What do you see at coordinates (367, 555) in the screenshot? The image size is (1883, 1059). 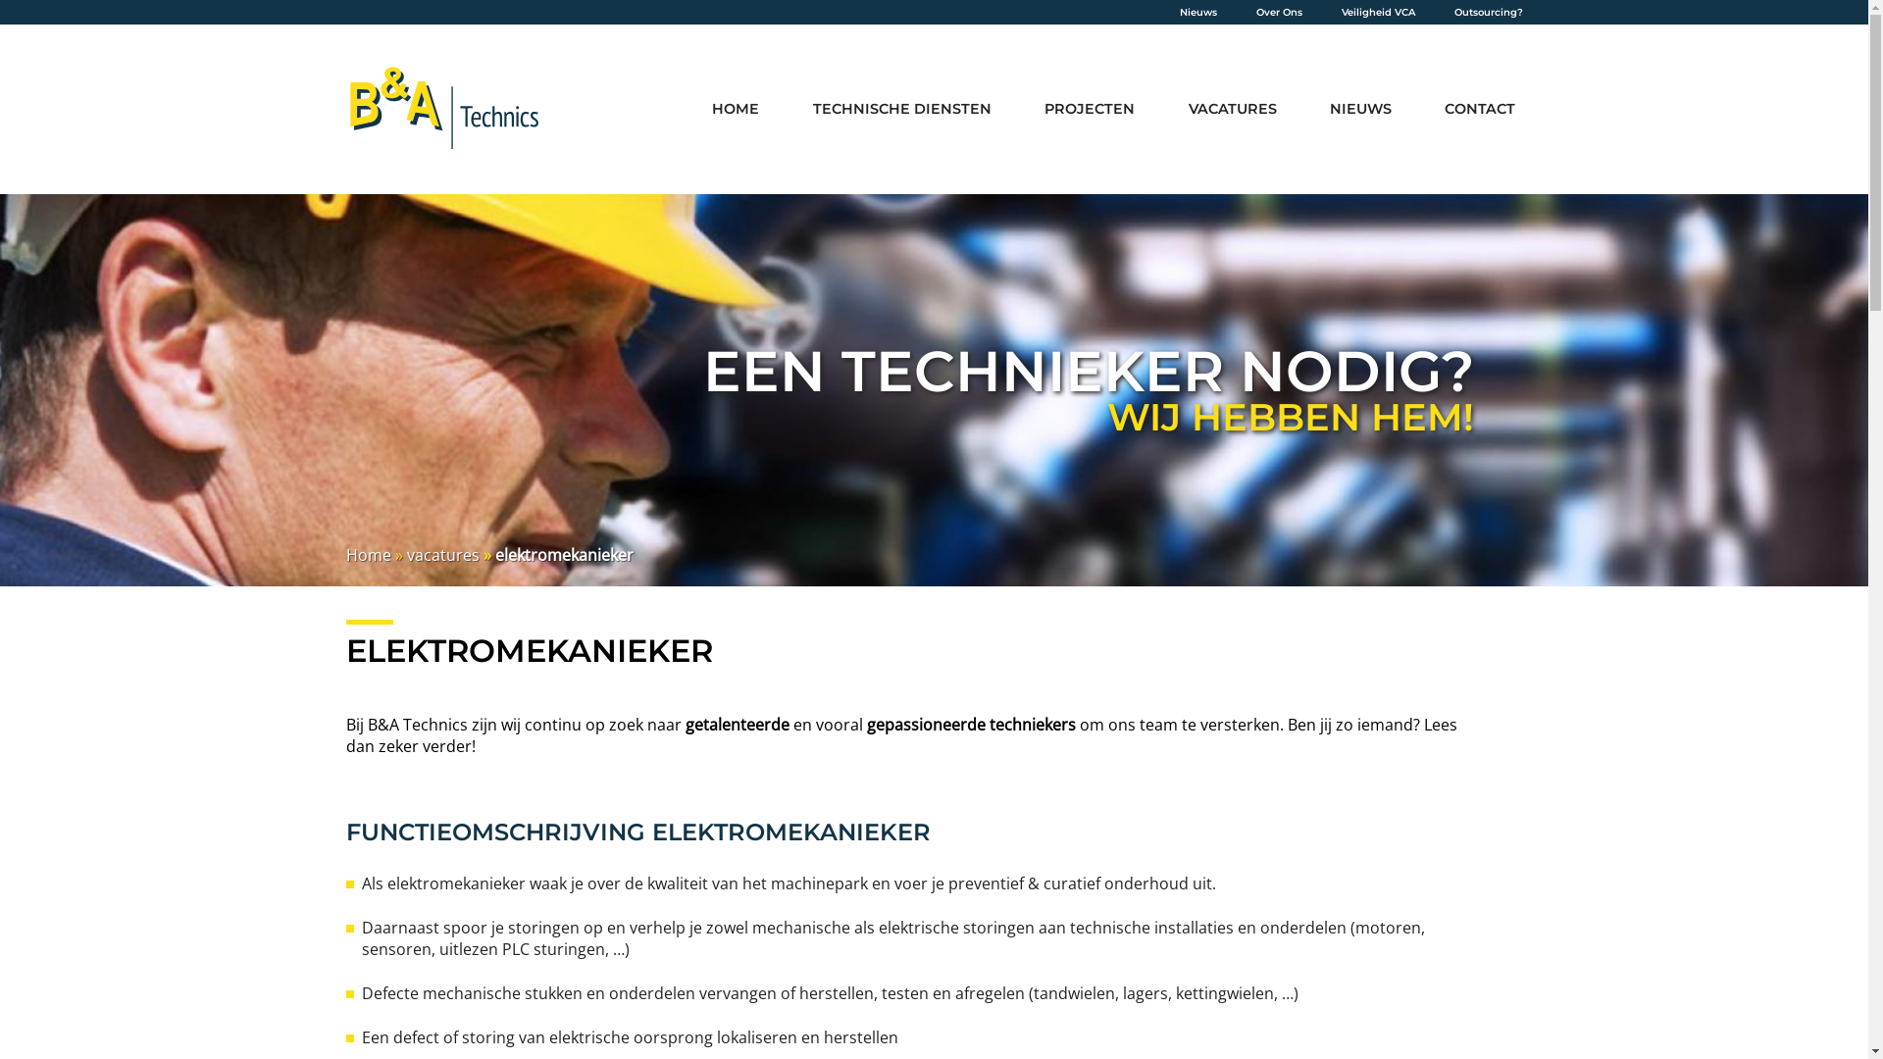 I see `'Home'` at bounding box center [367, 555].